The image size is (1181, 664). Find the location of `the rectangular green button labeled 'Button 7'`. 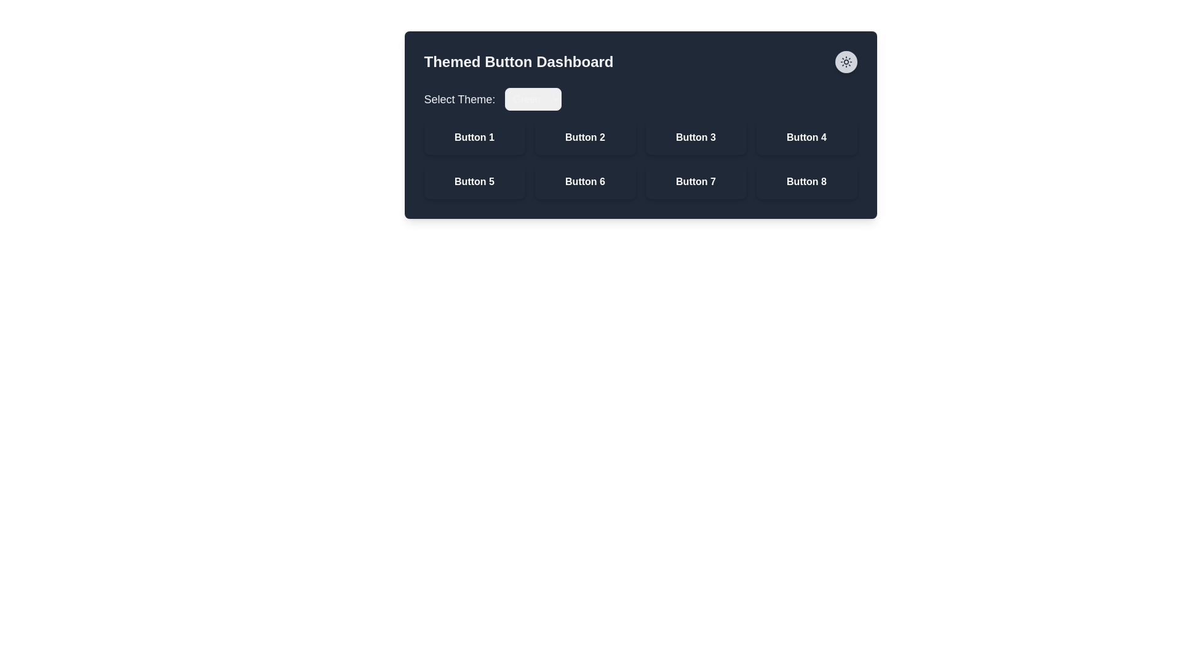

the rectangular green button labeled 'Button 7' is located at coordinates (696, 182).